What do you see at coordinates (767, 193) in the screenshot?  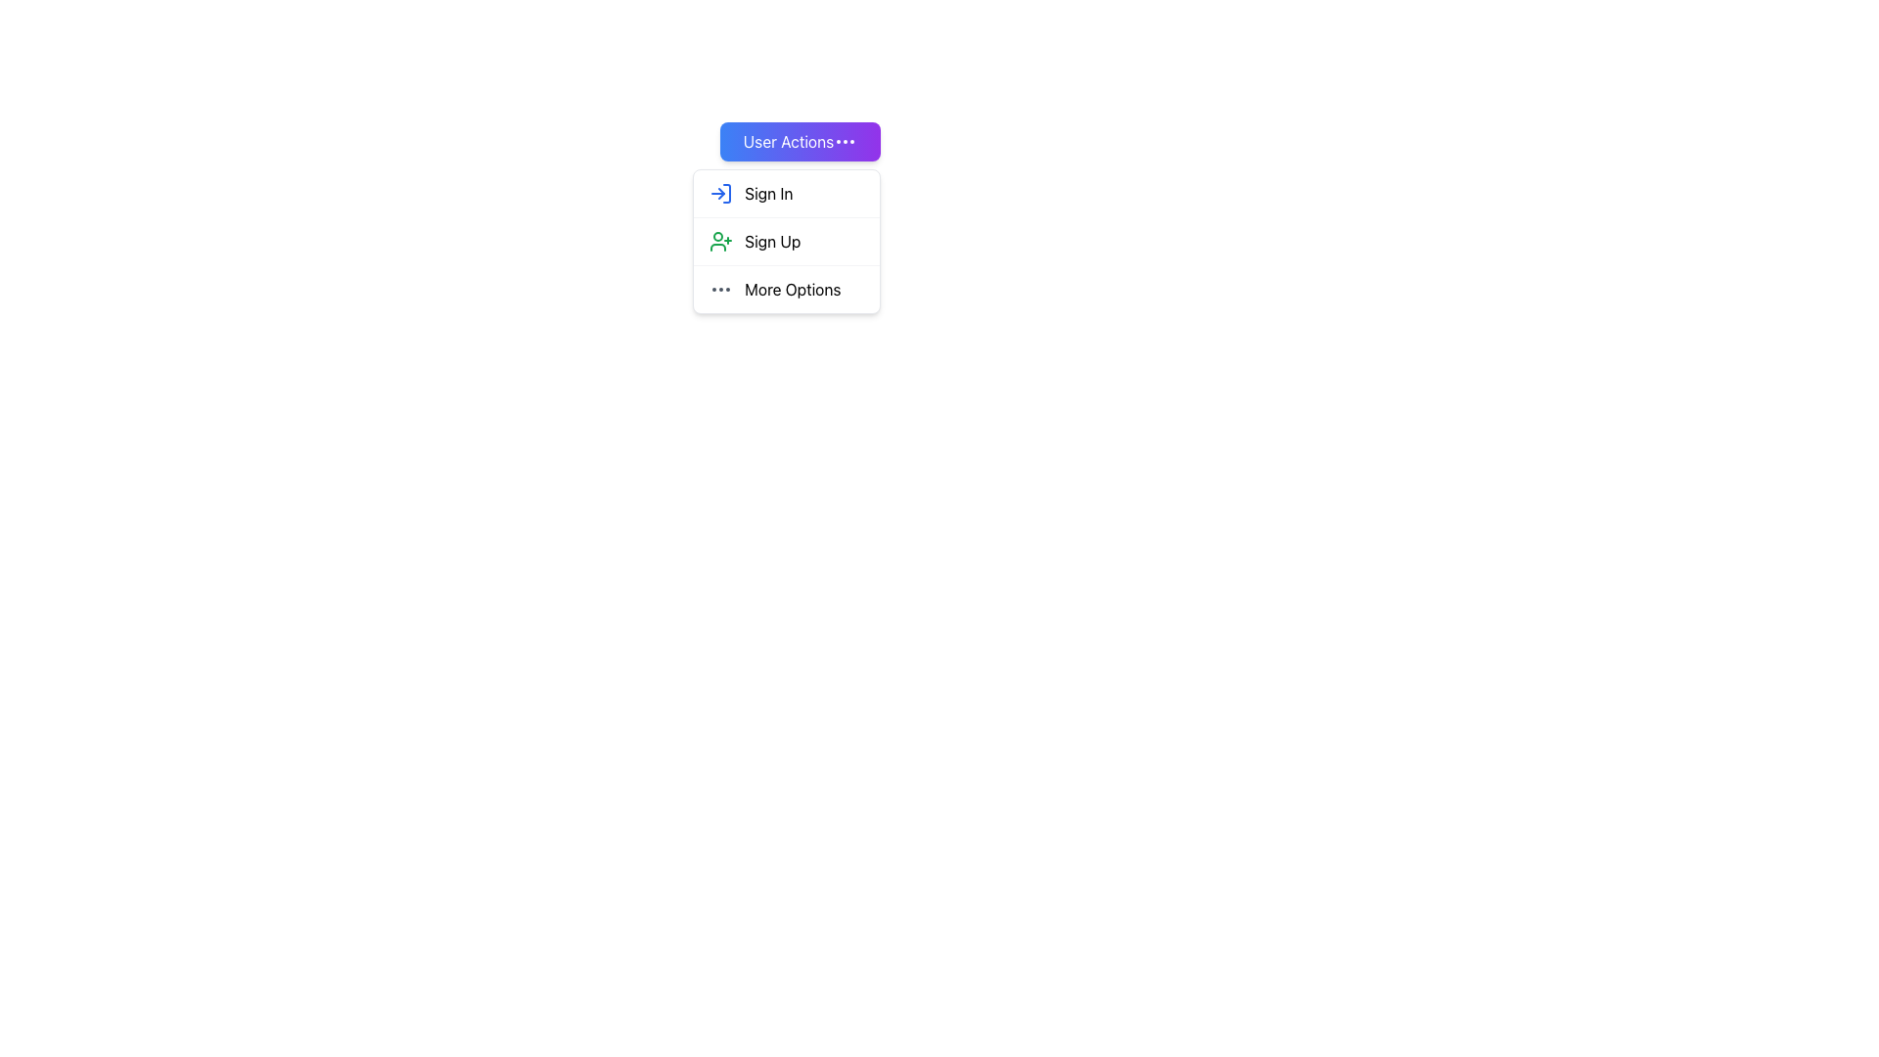 I see `the 'Sign In' label in the 'User Actions' dropdown menu, located next to the first icon item` at bounding box center [767, 193].